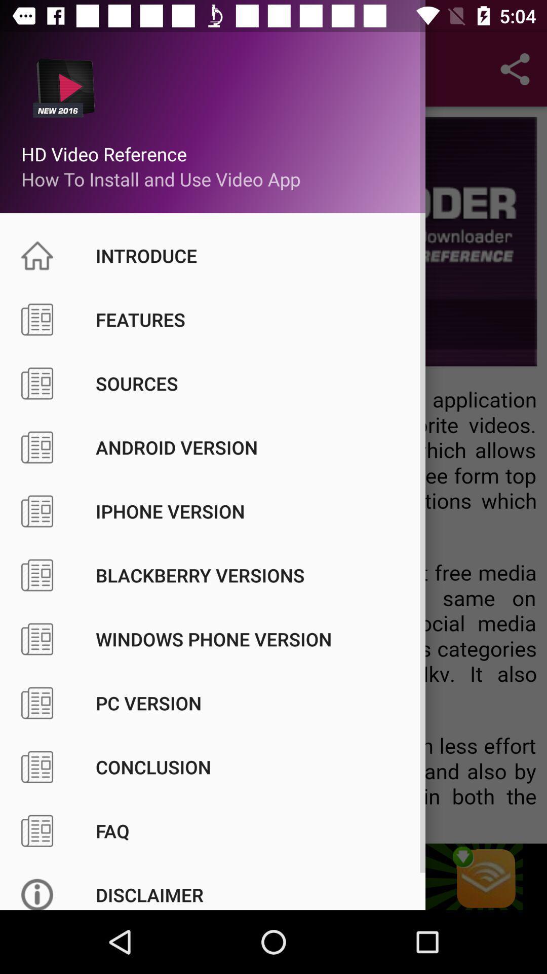 The image size is (547, 974). What do you see at coordinates (56, 77) in the screenshot?
I see `top left corner icon` at bounding box center [56, 77].